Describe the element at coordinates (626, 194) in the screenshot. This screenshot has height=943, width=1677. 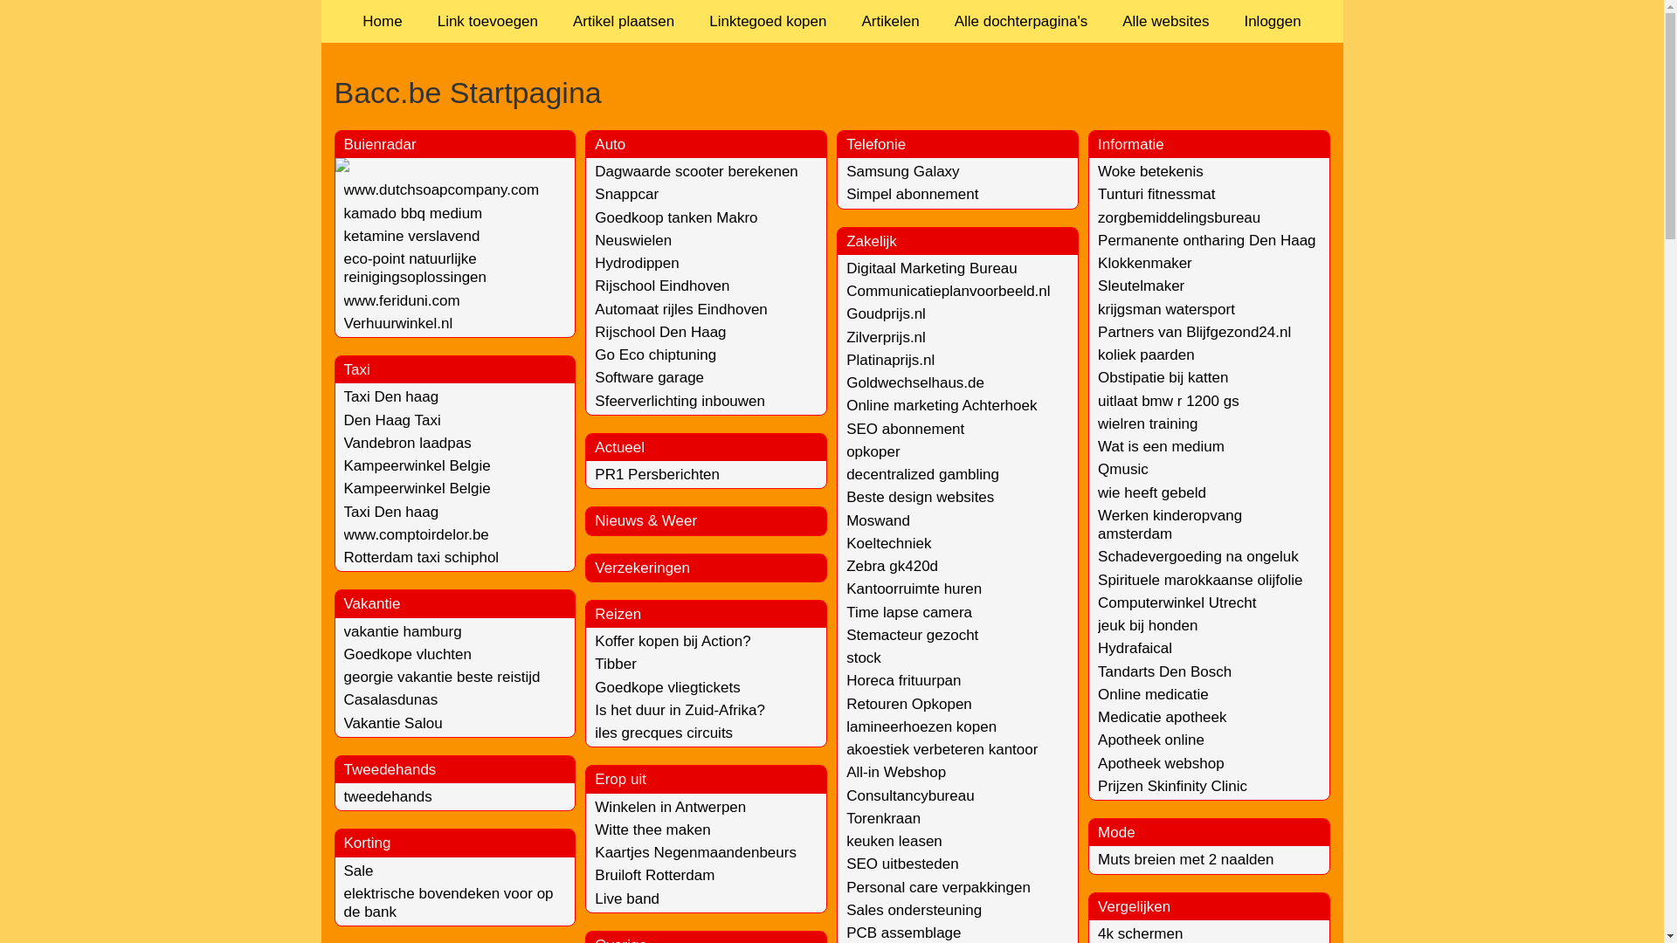
I see `'Snappcar'` at that location.